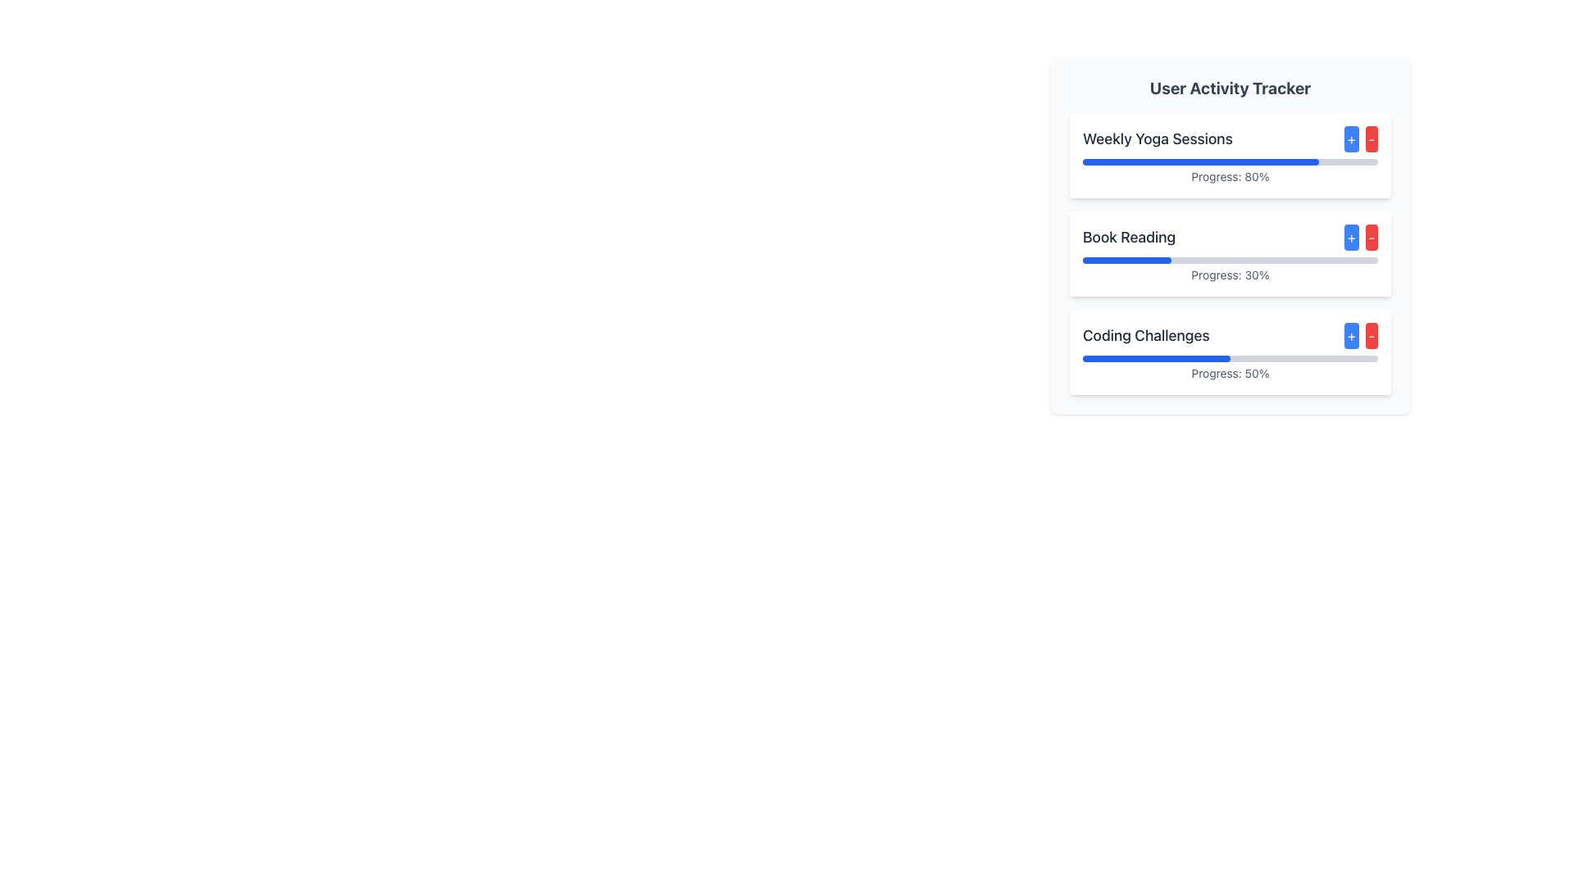 The image size is (1574, 885). Describe the element at coordinates (1231, 138) in the screenshot. I see `the '+' button next to the 'Weekly Yoga Sessions' label in the user activity tracker to increase the value` at that location.